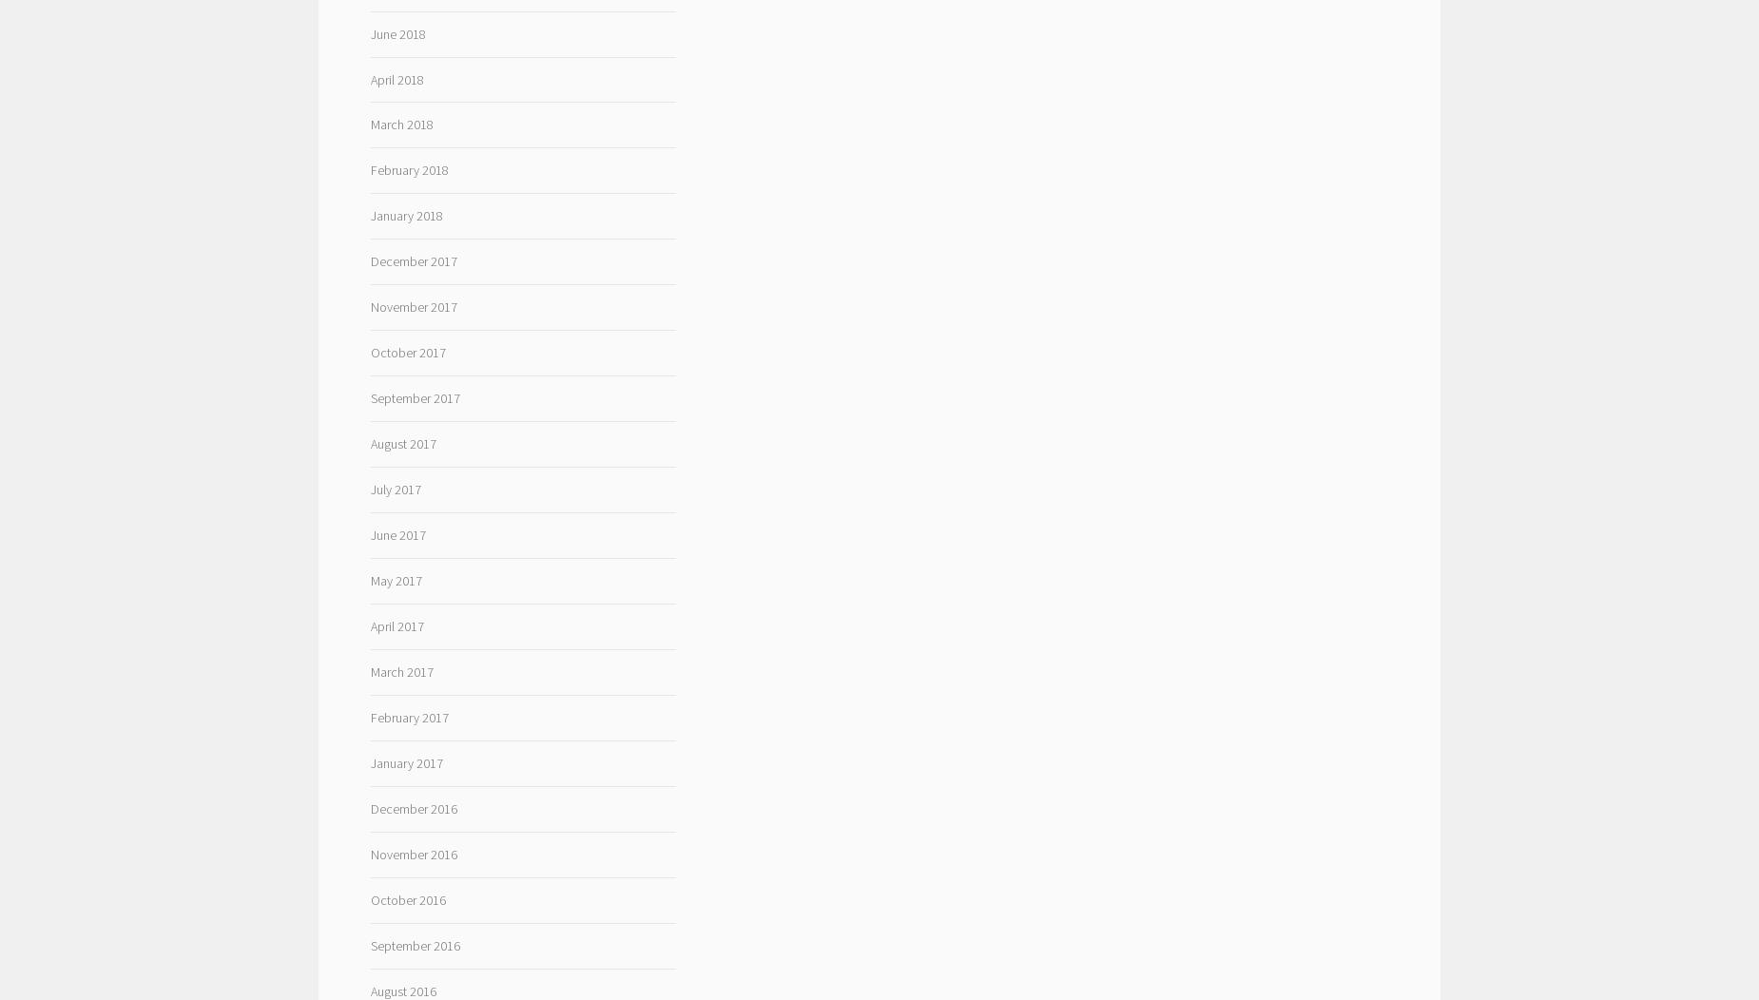 This screenshot has width=1759, height=1000. I want to click on 'September 2017', so click(414, 397).